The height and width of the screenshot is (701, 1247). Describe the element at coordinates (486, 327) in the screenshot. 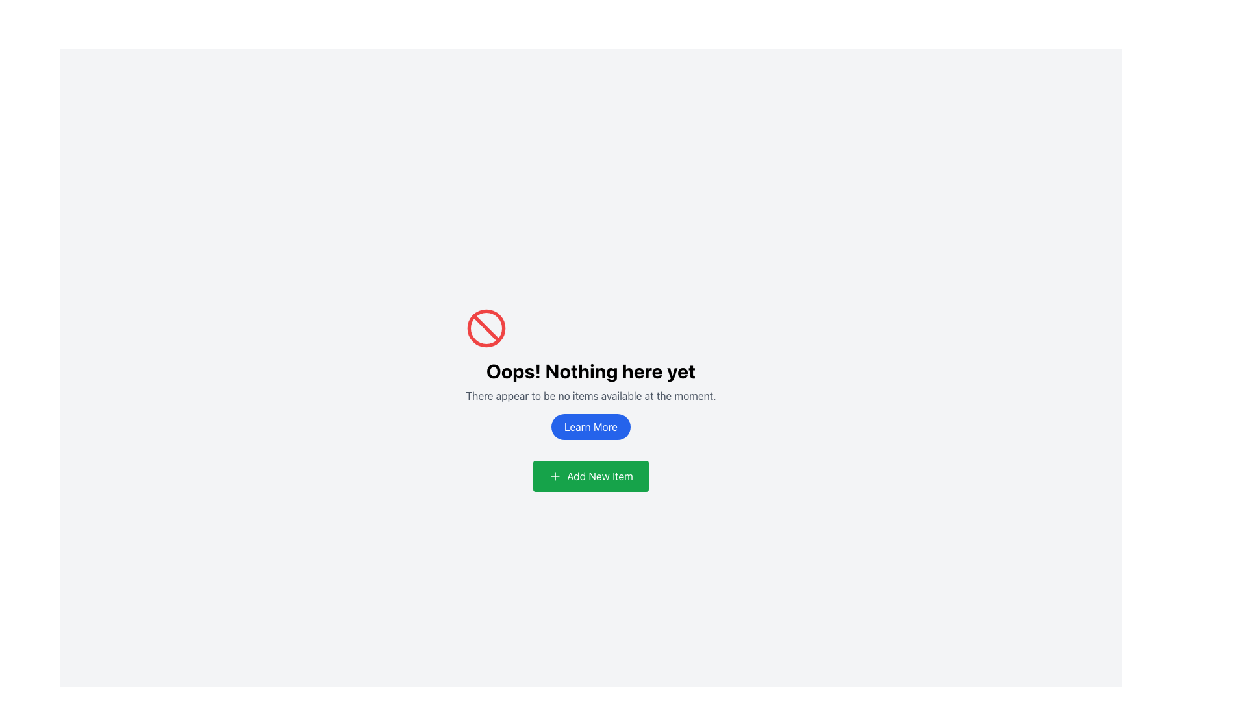

I see `the red circular prohibition symbol located at the top of the message section, above the text 'Oops! Nothing here yet'` at that location.